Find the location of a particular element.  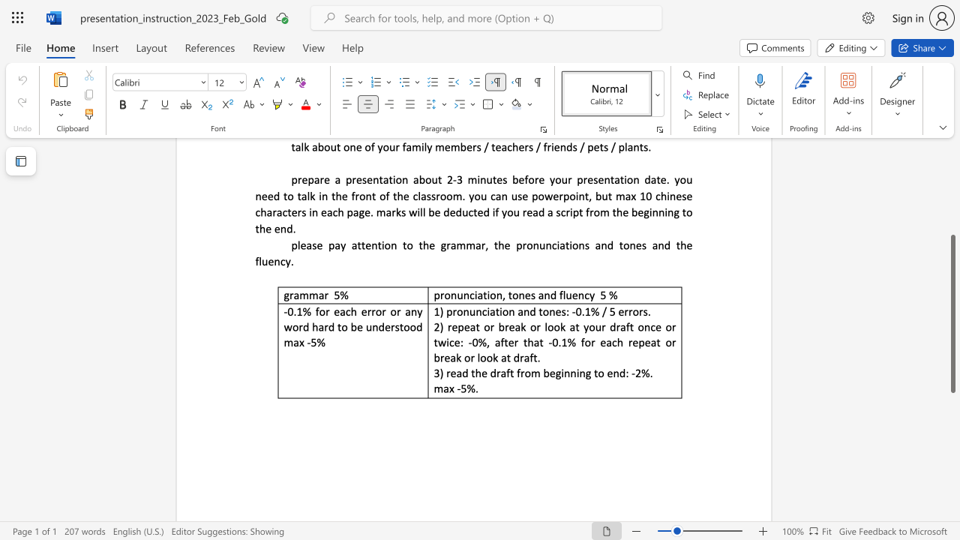

the scrollbar to scroll the page up is located at coordinates (952, 178).